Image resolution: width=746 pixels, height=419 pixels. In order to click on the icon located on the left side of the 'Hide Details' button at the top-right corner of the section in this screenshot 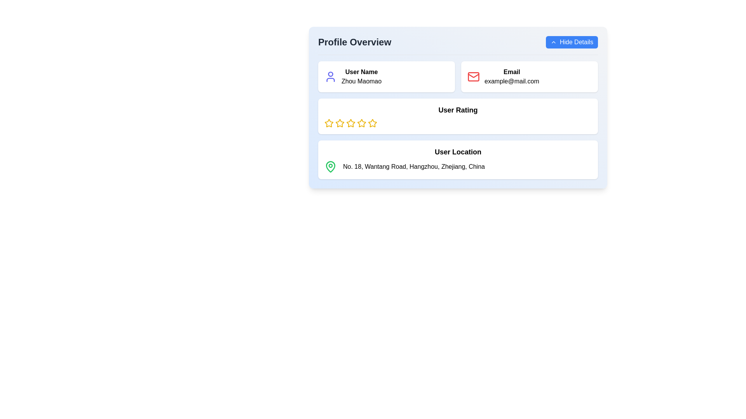, I will do `click(553, 42)`.